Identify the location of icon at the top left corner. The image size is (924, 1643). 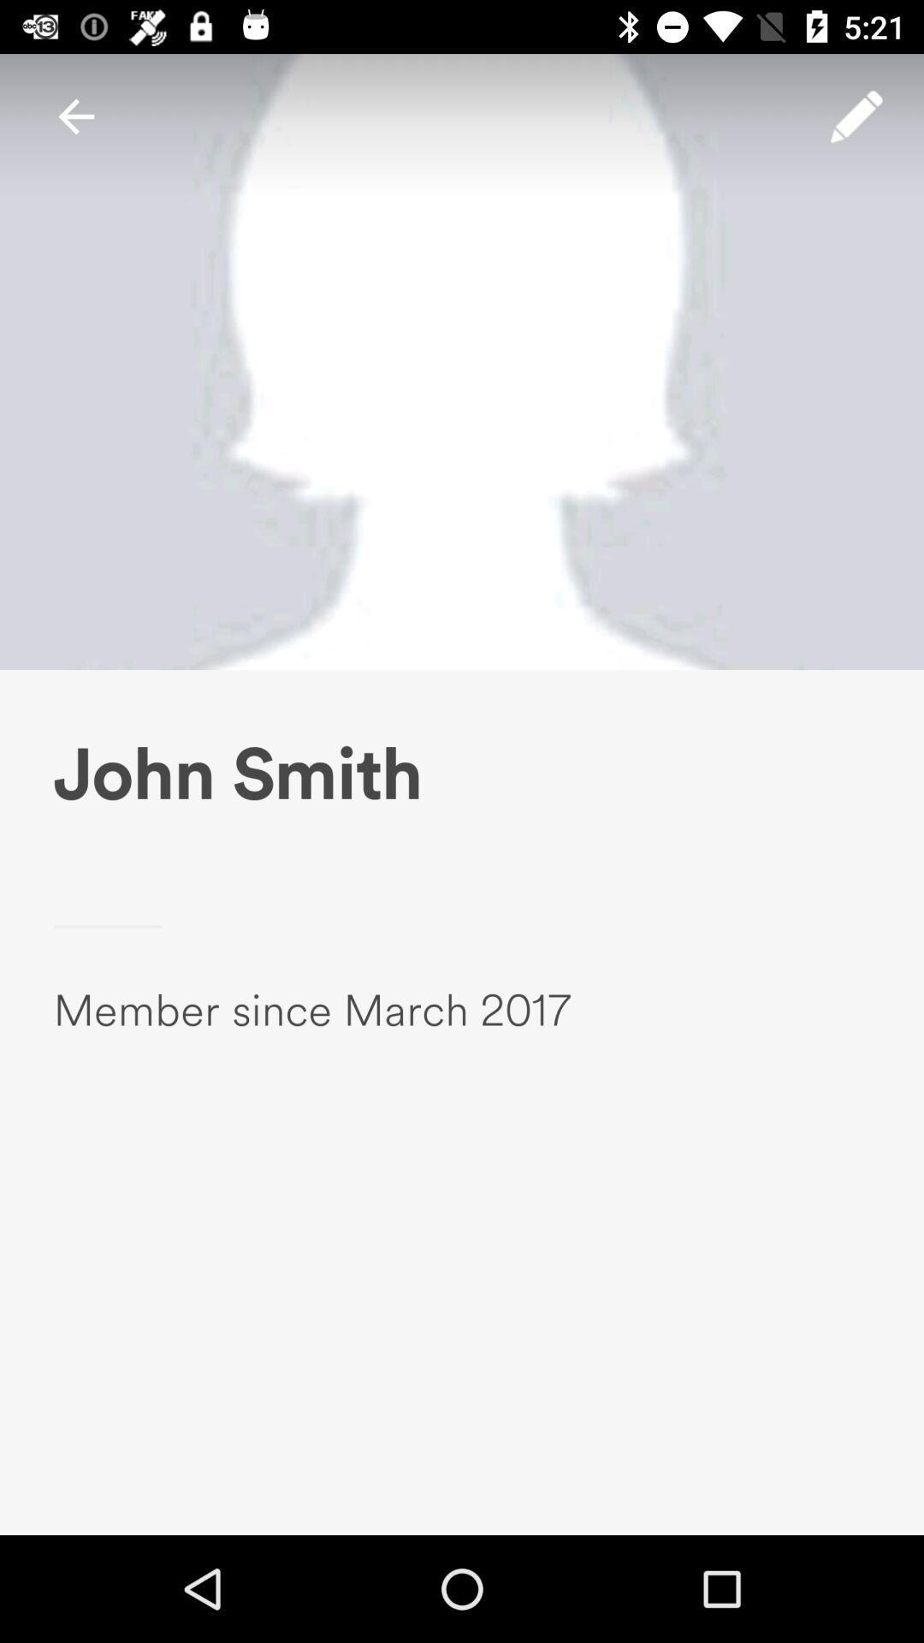
(75, 116).